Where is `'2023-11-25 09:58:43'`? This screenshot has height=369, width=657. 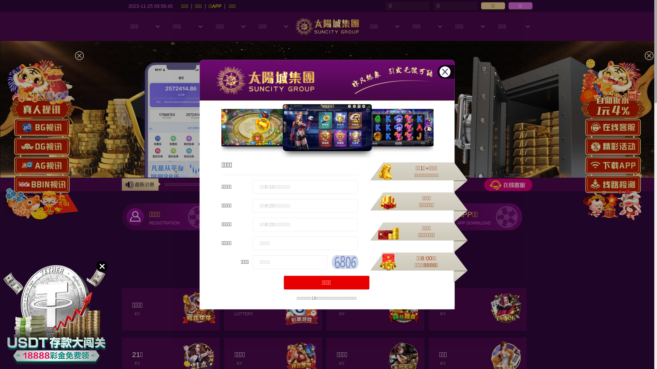 '2023-11-25 09:58:43' is located at coordinates (150, 5).